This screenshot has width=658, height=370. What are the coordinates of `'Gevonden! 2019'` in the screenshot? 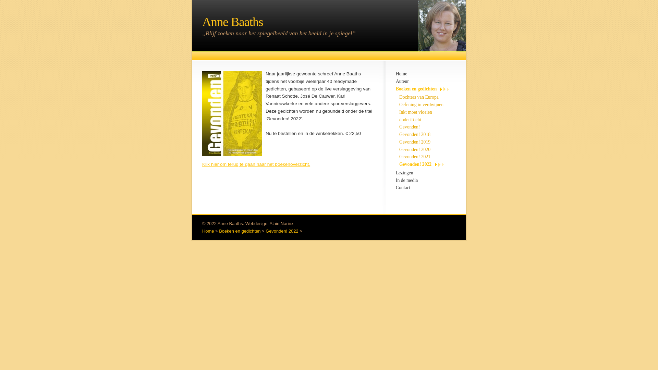 It's located at (414, 141).